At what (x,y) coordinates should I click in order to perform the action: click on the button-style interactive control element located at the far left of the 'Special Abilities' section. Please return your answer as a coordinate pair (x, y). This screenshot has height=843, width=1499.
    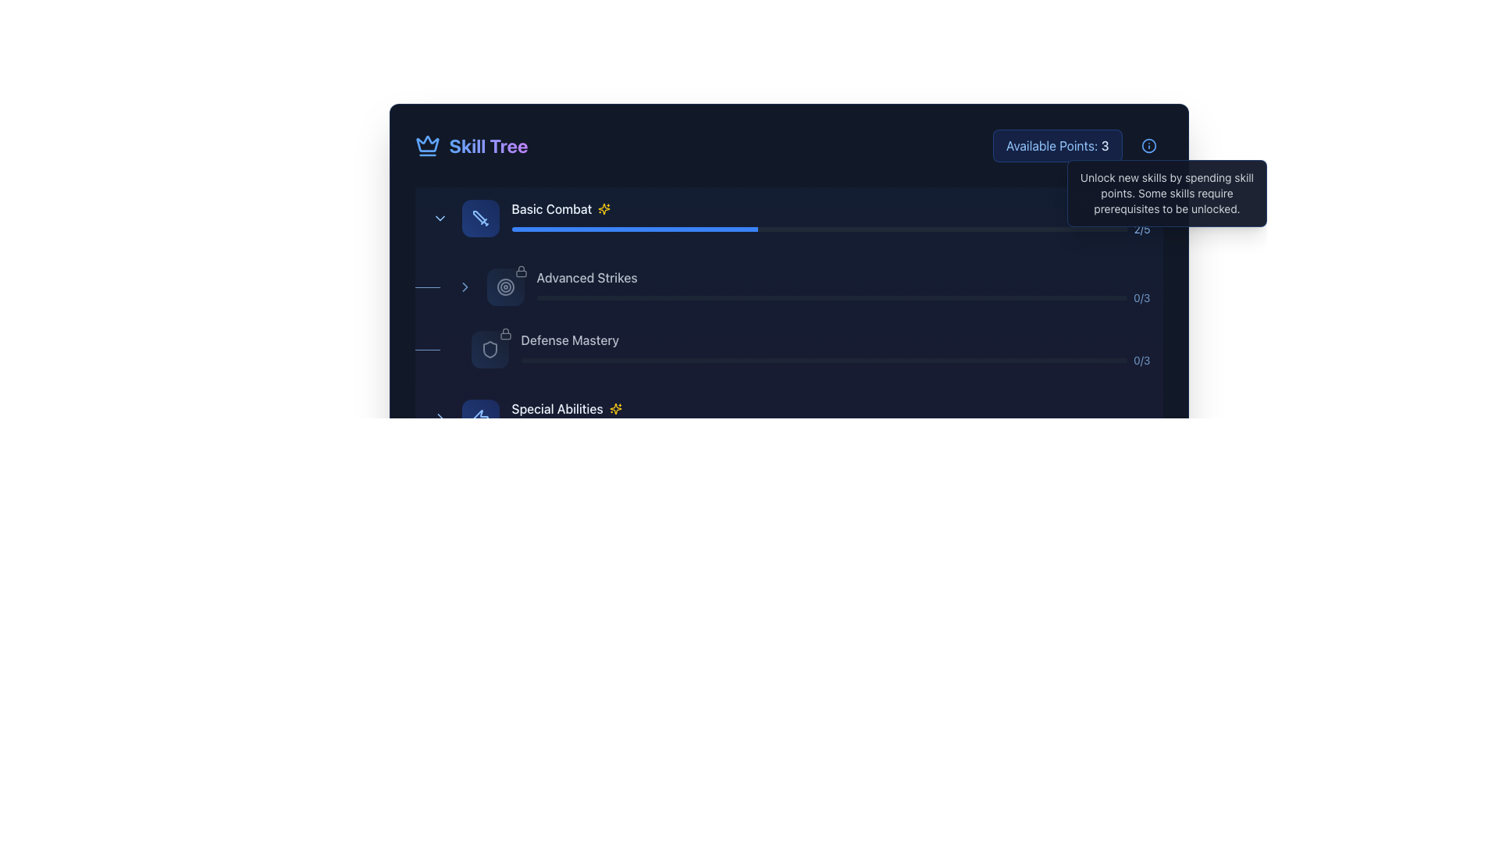
    Looking at the image, I should click on (439, 418).